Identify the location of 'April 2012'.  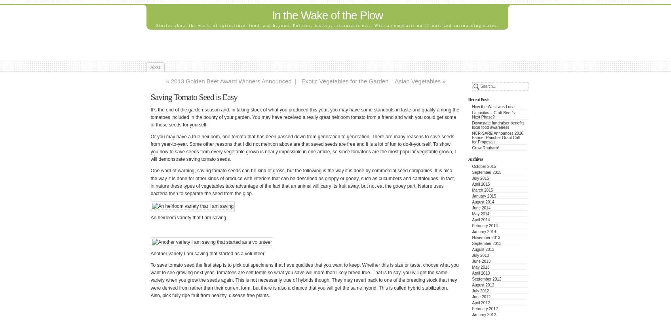
(481, 302).